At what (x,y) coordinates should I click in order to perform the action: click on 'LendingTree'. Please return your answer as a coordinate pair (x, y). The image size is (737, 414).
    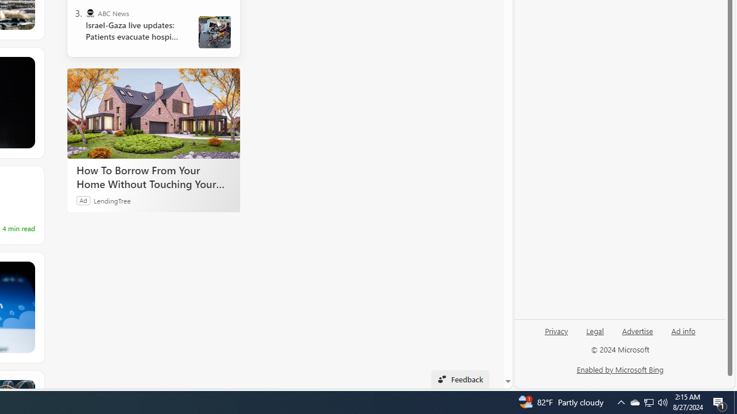
    Looking at the image, I should click on (112, 200).